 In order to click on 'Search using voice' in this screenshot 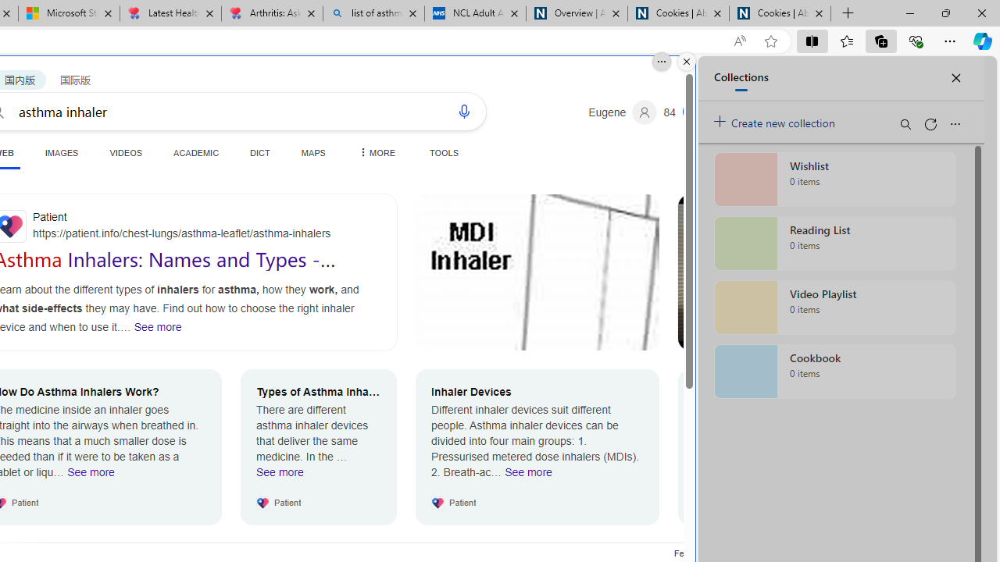, I will do `click(462, 110)`.